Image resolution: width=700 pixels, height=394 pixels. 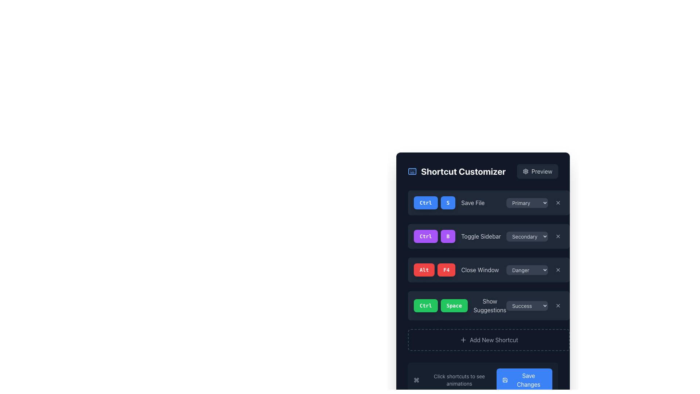 I want to click on the gear icon representing settings, located at the top-right corner of the interface, so click(x=526, y=171).